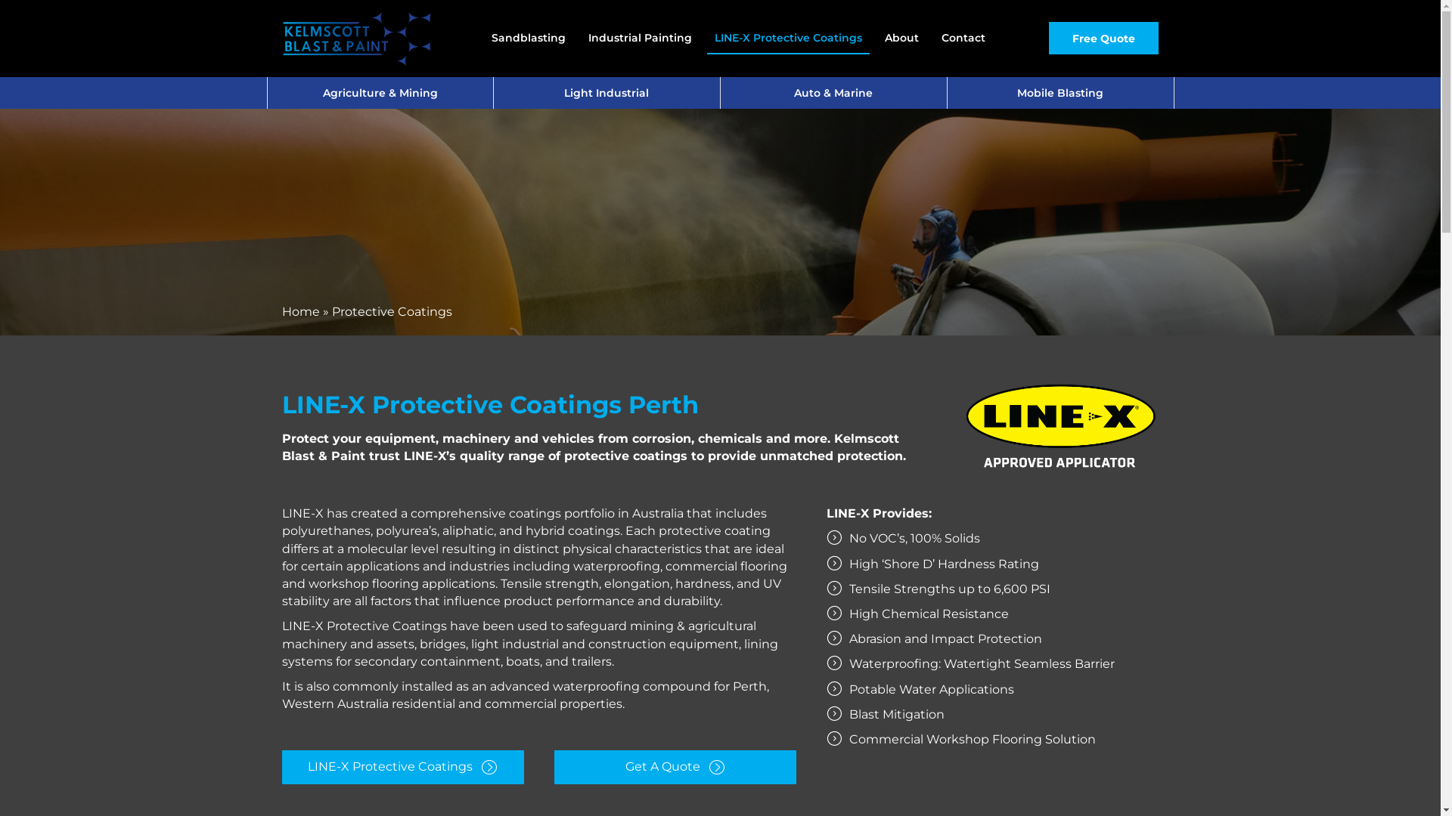  Describe the element at coordinates (606, 93) in the screenshot. I see `'Light Industrial'` at that location.